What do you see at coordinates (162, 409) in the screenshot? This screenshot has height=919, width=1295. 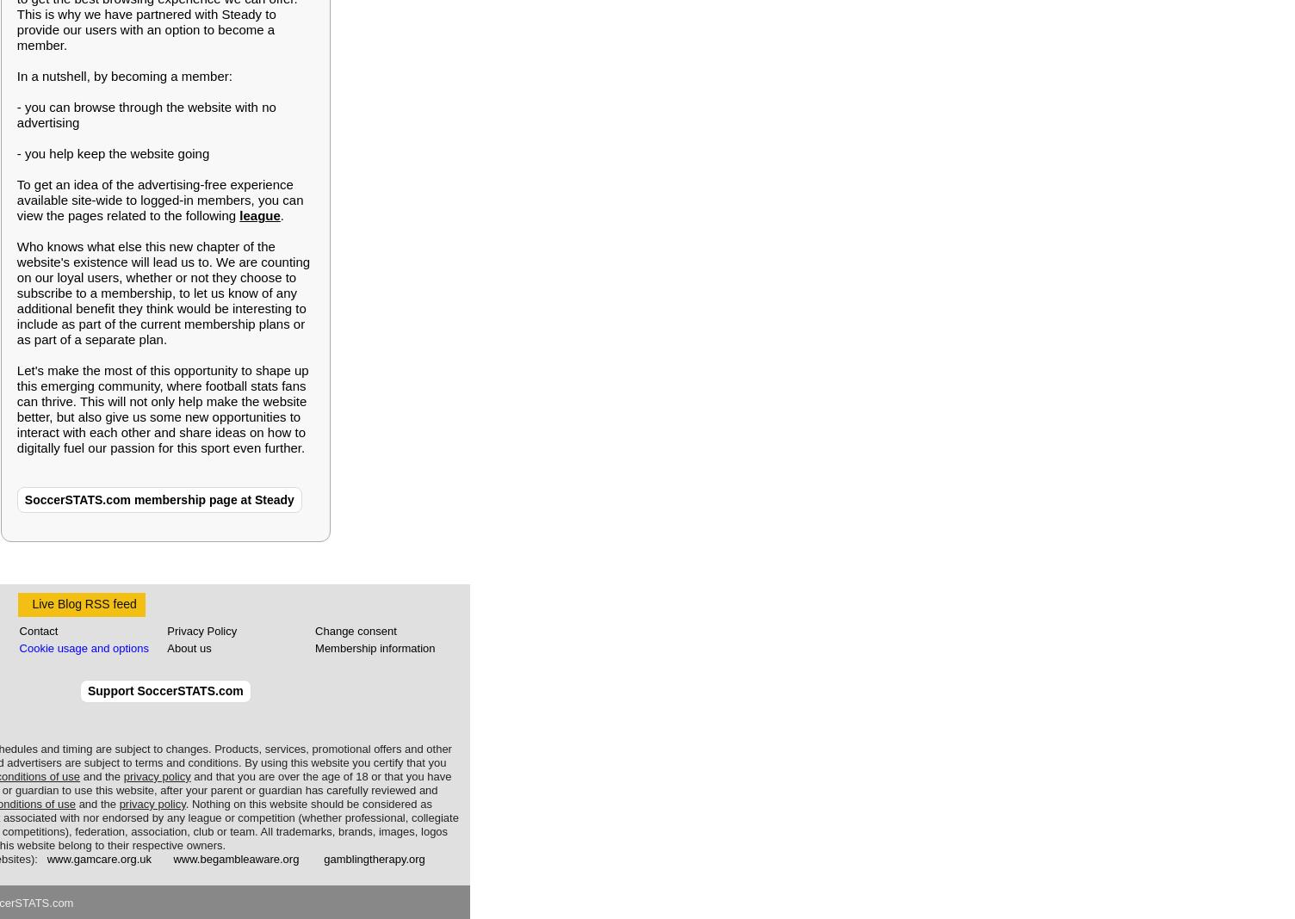 I see `'Let's make the most of this opportunity to shape up this emerging community, where football stats fans can thrive. This will not only help make the website better, but also give us some new opportunities to interact with each other and share ideas on how to digitally fuel our passion for this sport even further.'` at bounding box center [162, 409].